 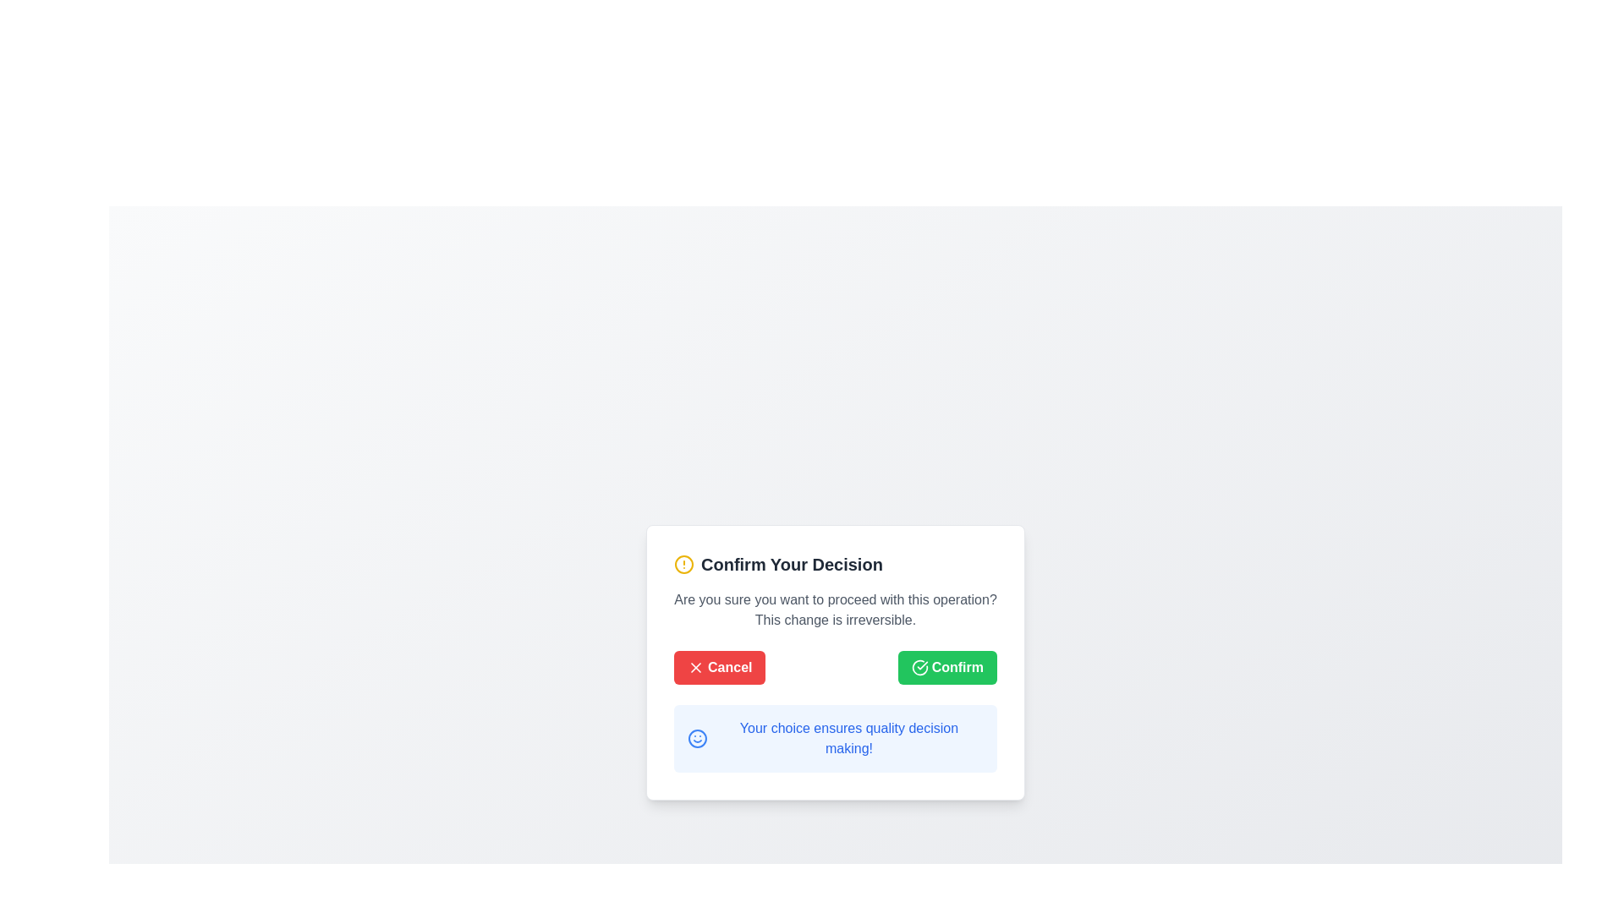 I want to click on the 'Cancel' button which contains the icon representing the cancel action, located at the bottom center section of the dialog box, so click(x=695, y=667).